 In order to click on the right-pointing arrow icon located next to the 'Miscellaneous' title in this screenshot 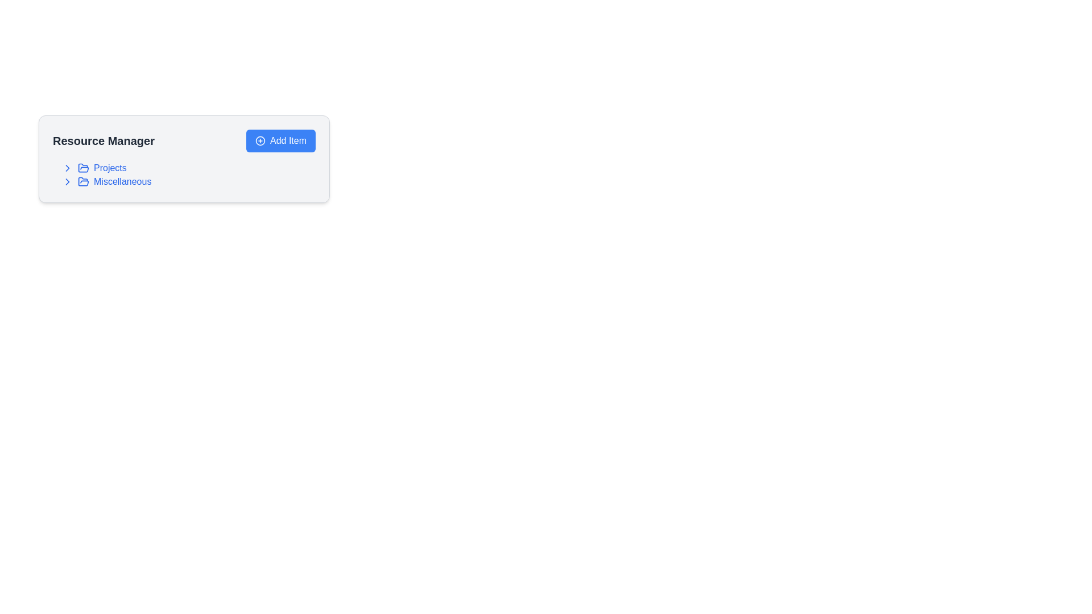, I will do `click(67, 181)`.